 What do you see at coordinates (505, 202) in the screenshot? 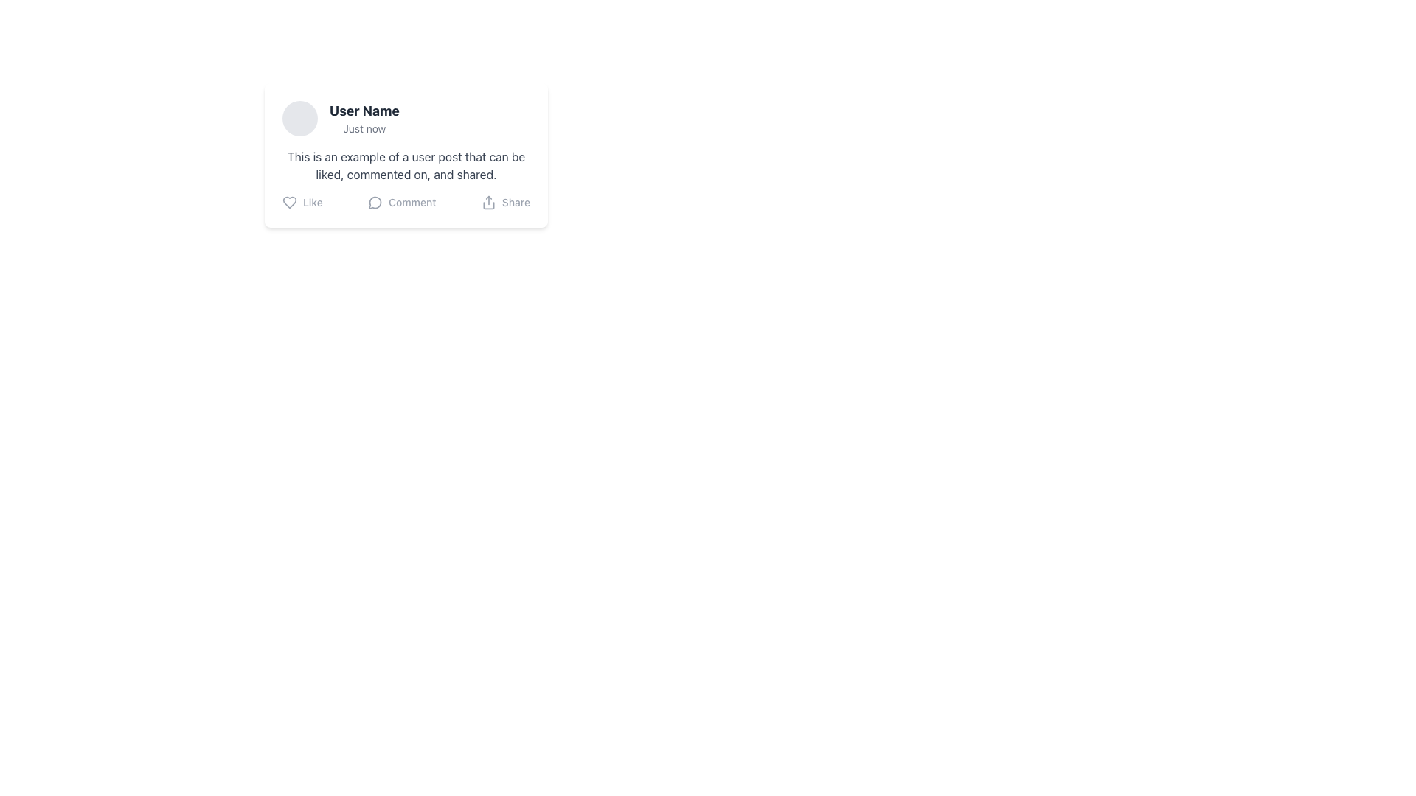
I see `the 'Share' button, which features an upward pointing arrow icon followed by the text 'Share', located in the bottom-right corner of the card interface` at bounding box center [505, 202].